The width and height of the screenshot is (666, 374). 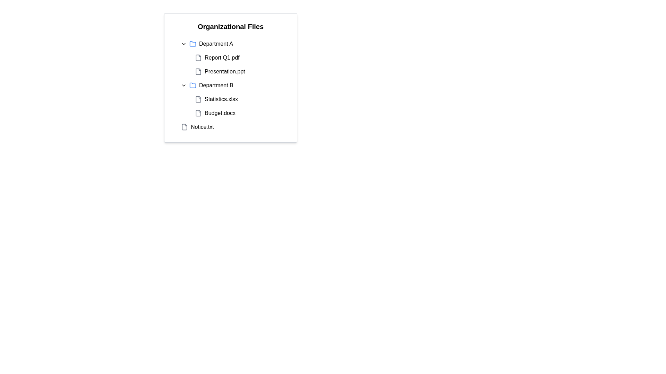 I want to click on on the file entry labeled 'Presentation.ppt' in the 'Department A' grouping of the 'Organizational Files' tree view, so click(x=220, y=72).